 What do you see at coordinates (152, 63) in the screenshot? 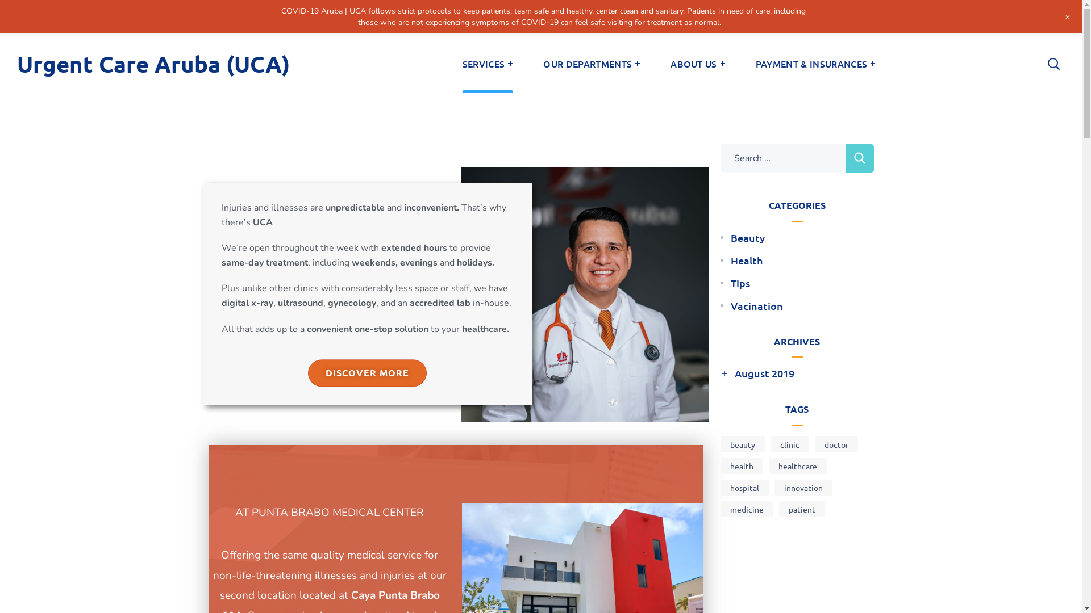
I see `'Urgent Care Aruba (UCA)'` at bounding box center [152, 63].